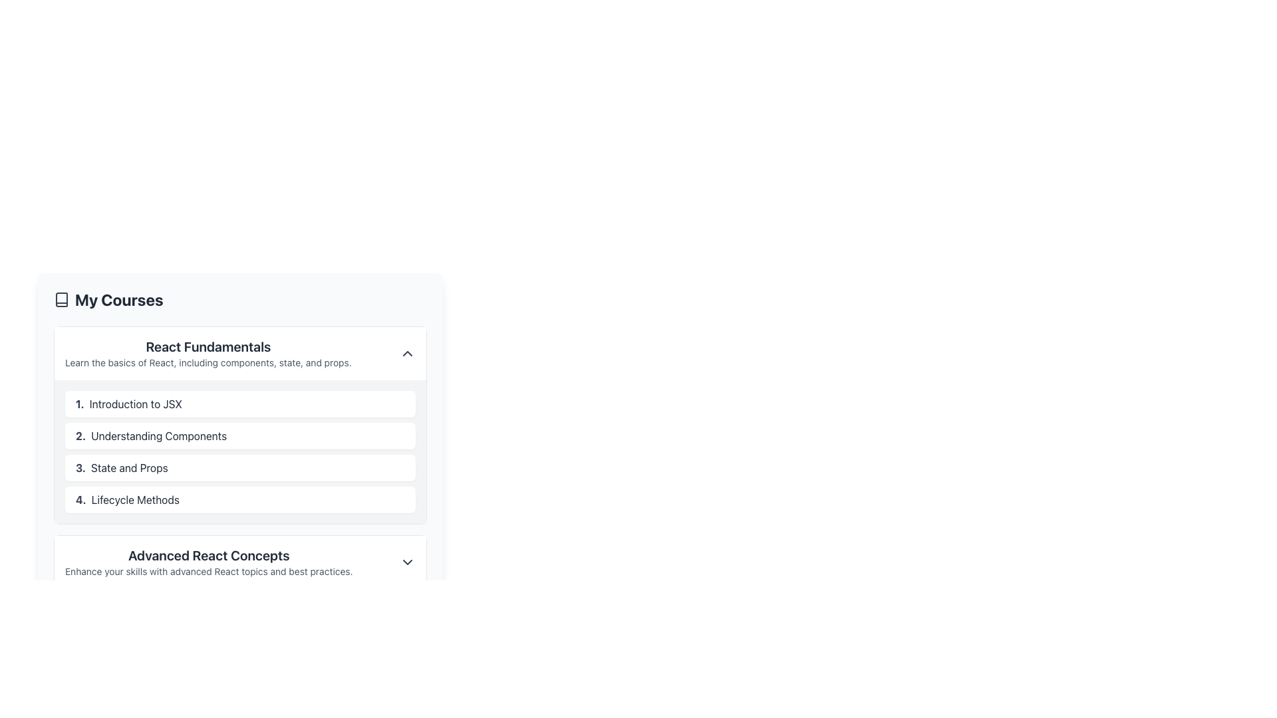  I want to click on the upward-pointing chevron icon located at the rightmost end of the 'React Fundamentals' section, so click(407, 353).